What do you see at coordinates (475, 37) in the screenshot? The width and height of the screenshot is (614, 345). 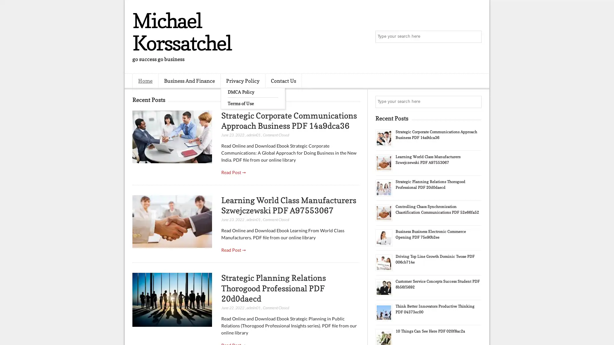 I see `Search` at bounding box center [475, 37].